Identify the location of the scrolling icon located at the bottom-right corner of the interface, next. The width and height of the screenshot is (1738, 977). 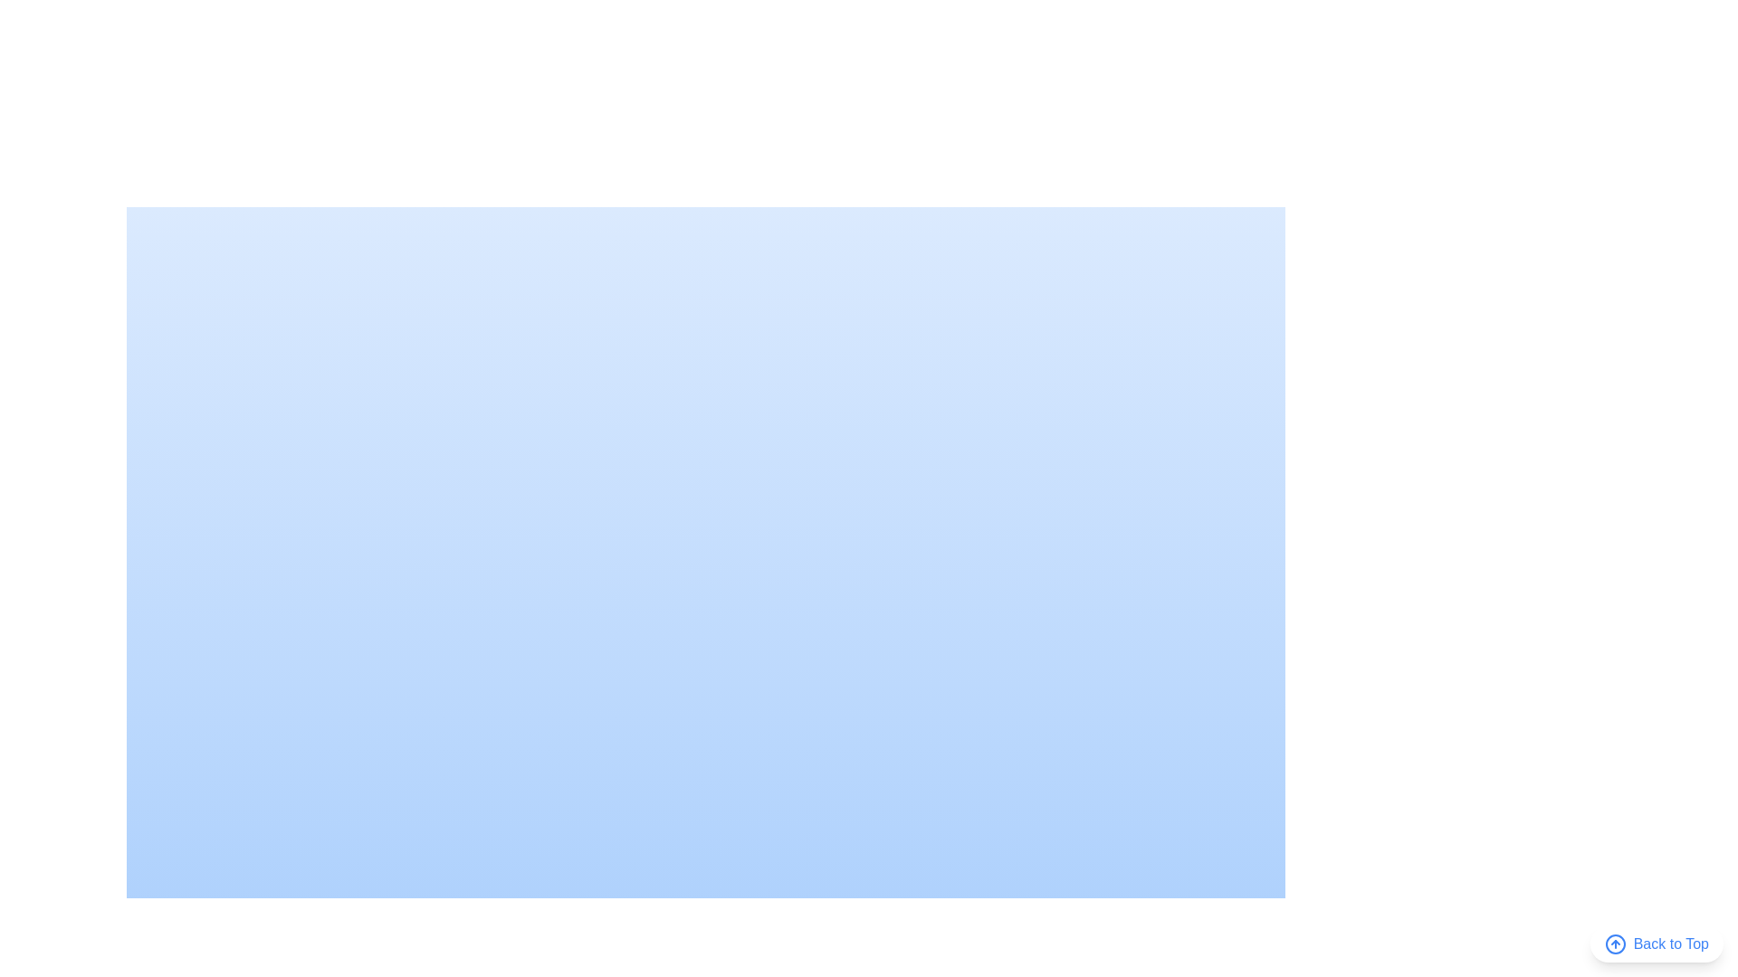
(1615, 944).